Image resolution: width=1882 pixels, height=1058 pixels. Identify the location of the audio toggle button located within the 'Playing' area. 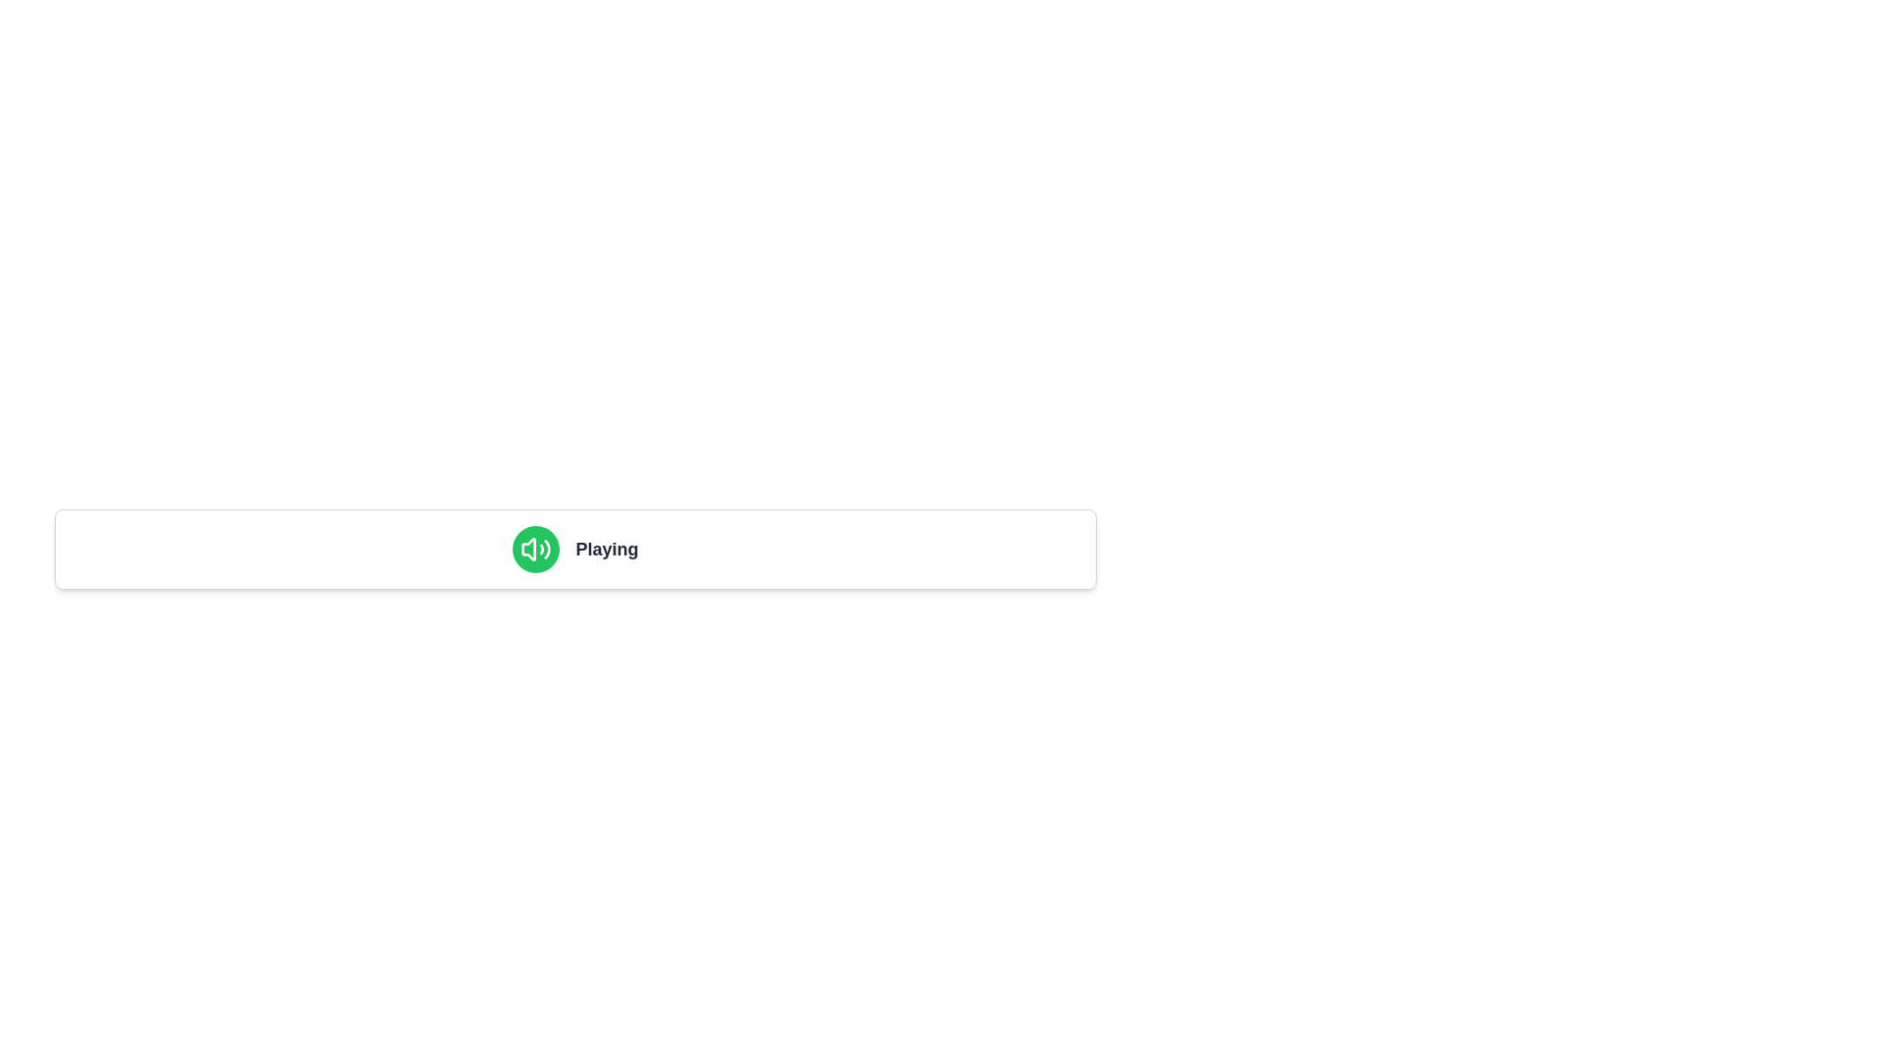
(536, 549).